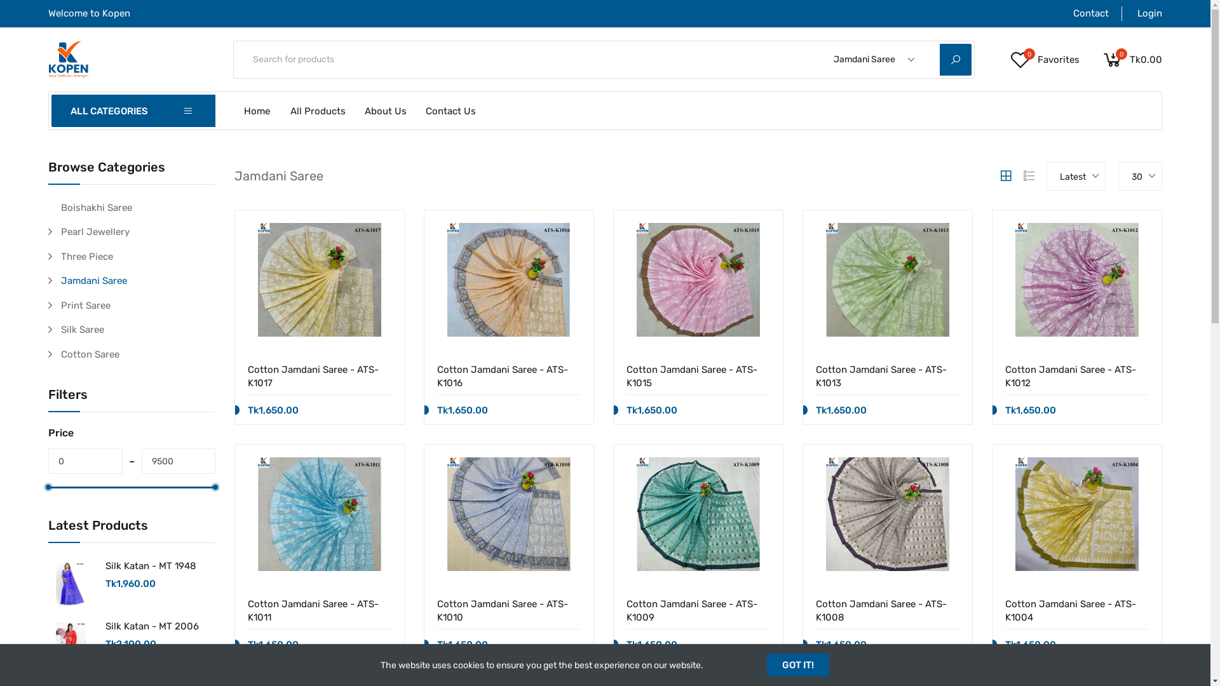  I want to click on 'Home', so click(257, 109).